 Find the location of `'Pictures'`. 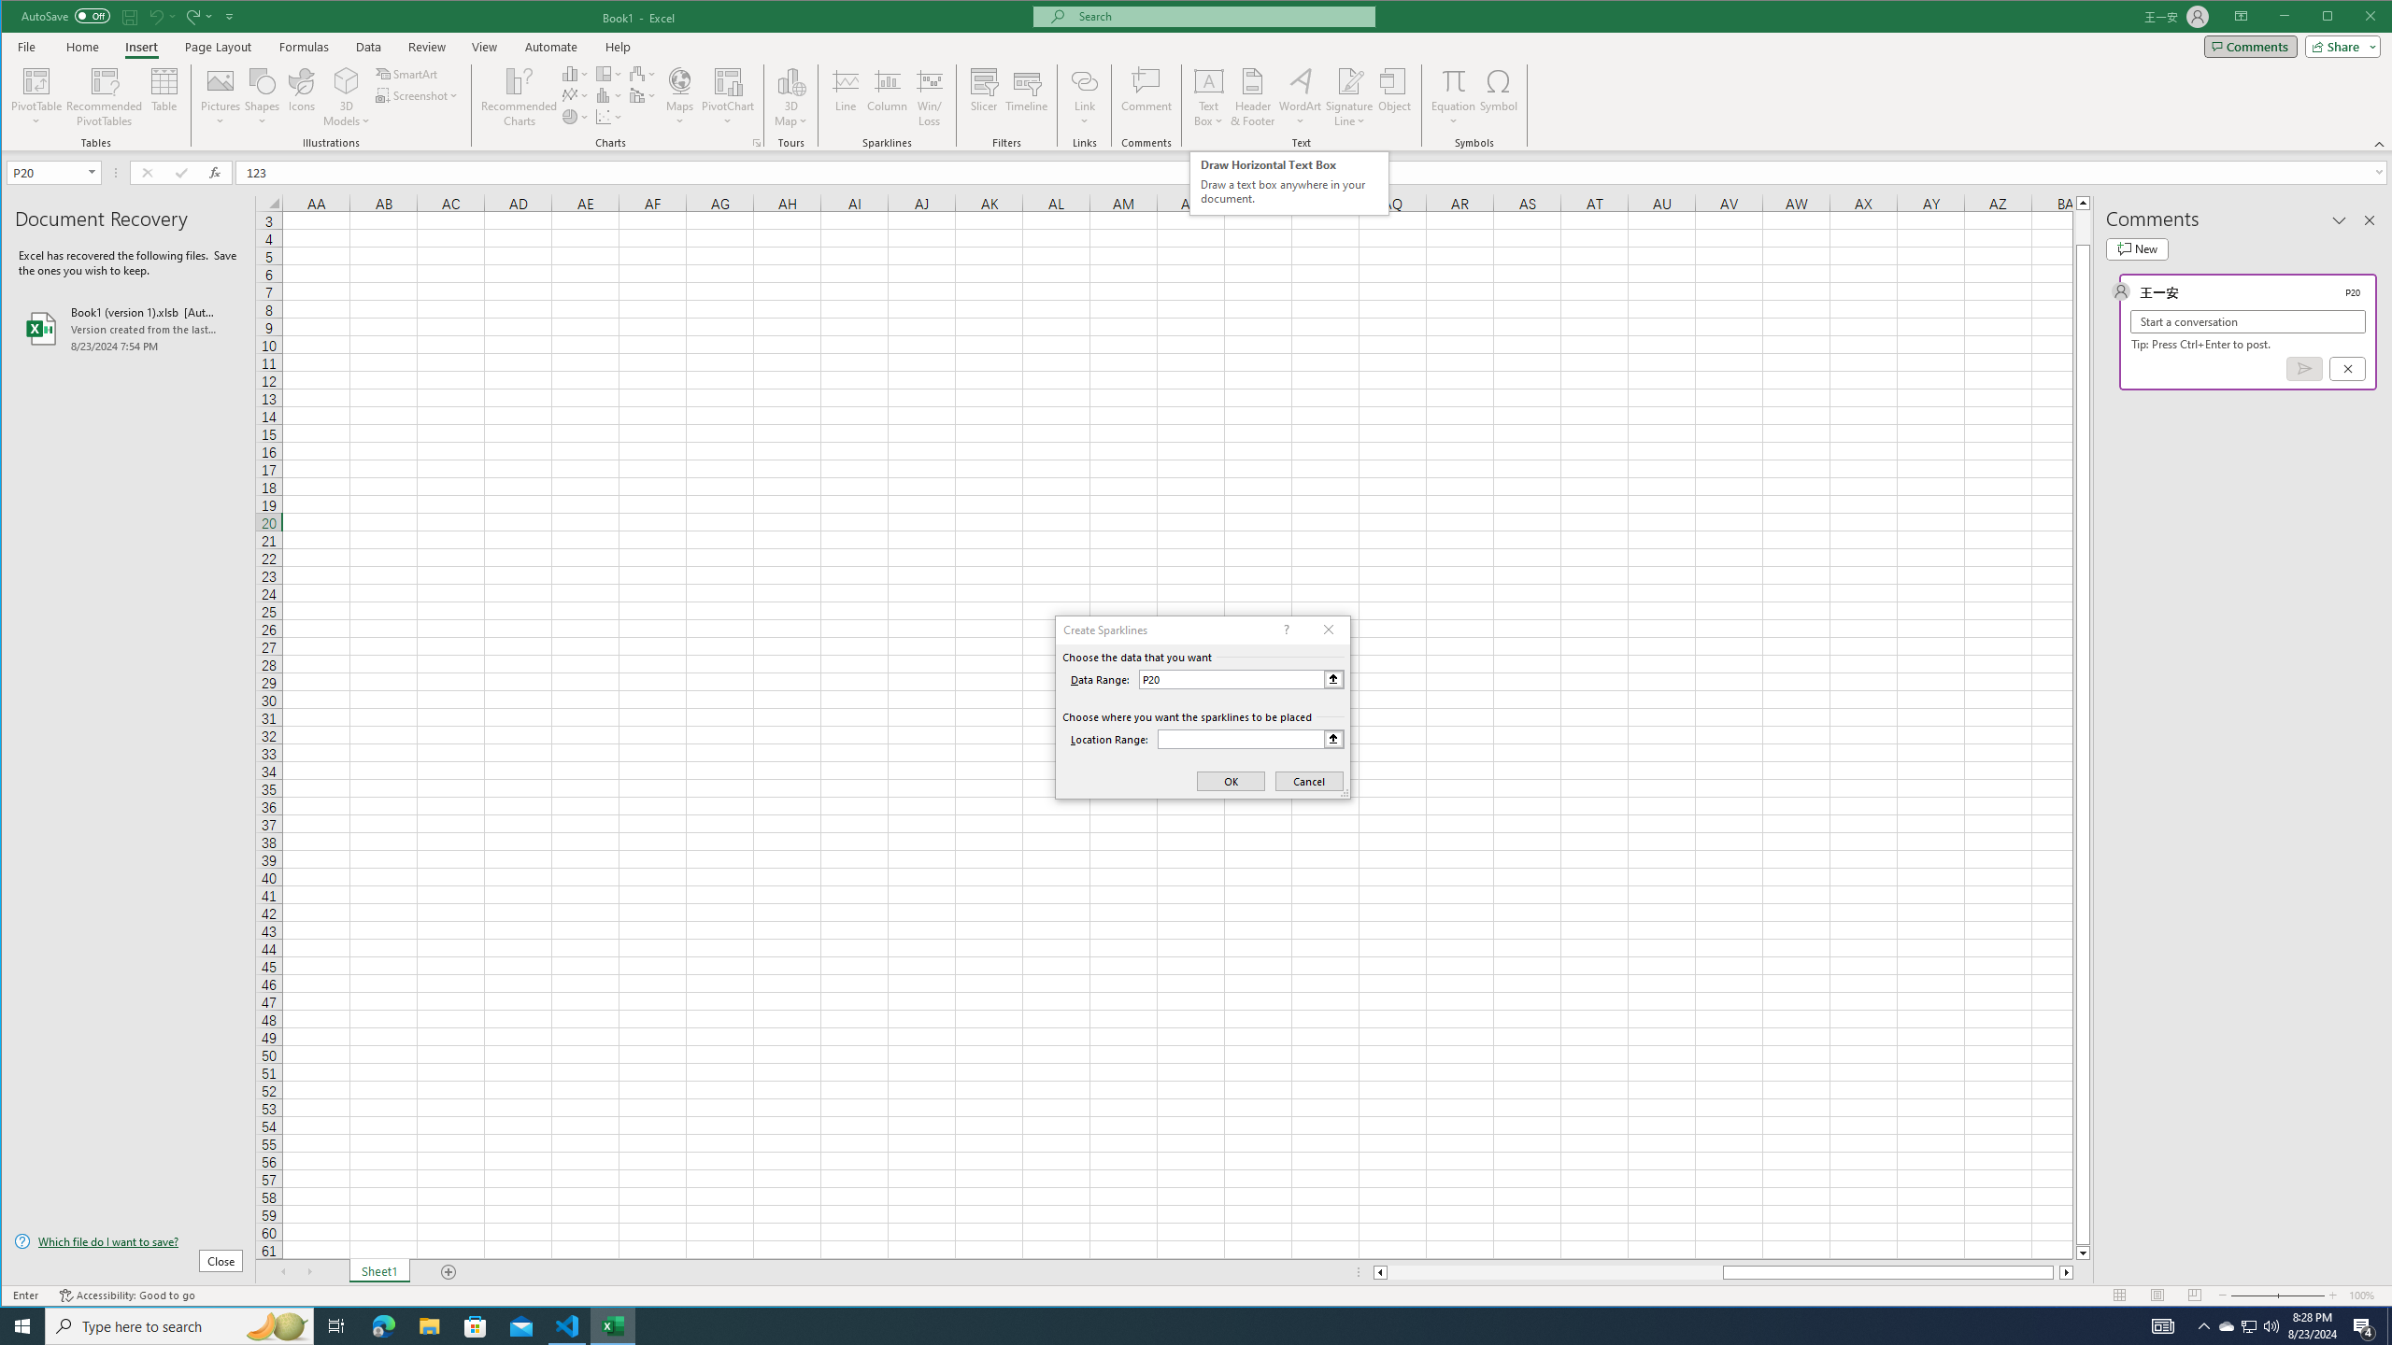

'Pictures' is located at coordinates (221, 96).